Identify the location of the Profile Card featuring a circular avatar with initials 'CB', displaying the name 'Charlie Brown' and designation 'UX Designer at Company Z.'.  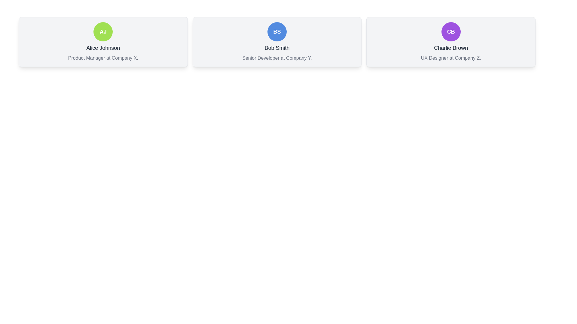
(451, 41).